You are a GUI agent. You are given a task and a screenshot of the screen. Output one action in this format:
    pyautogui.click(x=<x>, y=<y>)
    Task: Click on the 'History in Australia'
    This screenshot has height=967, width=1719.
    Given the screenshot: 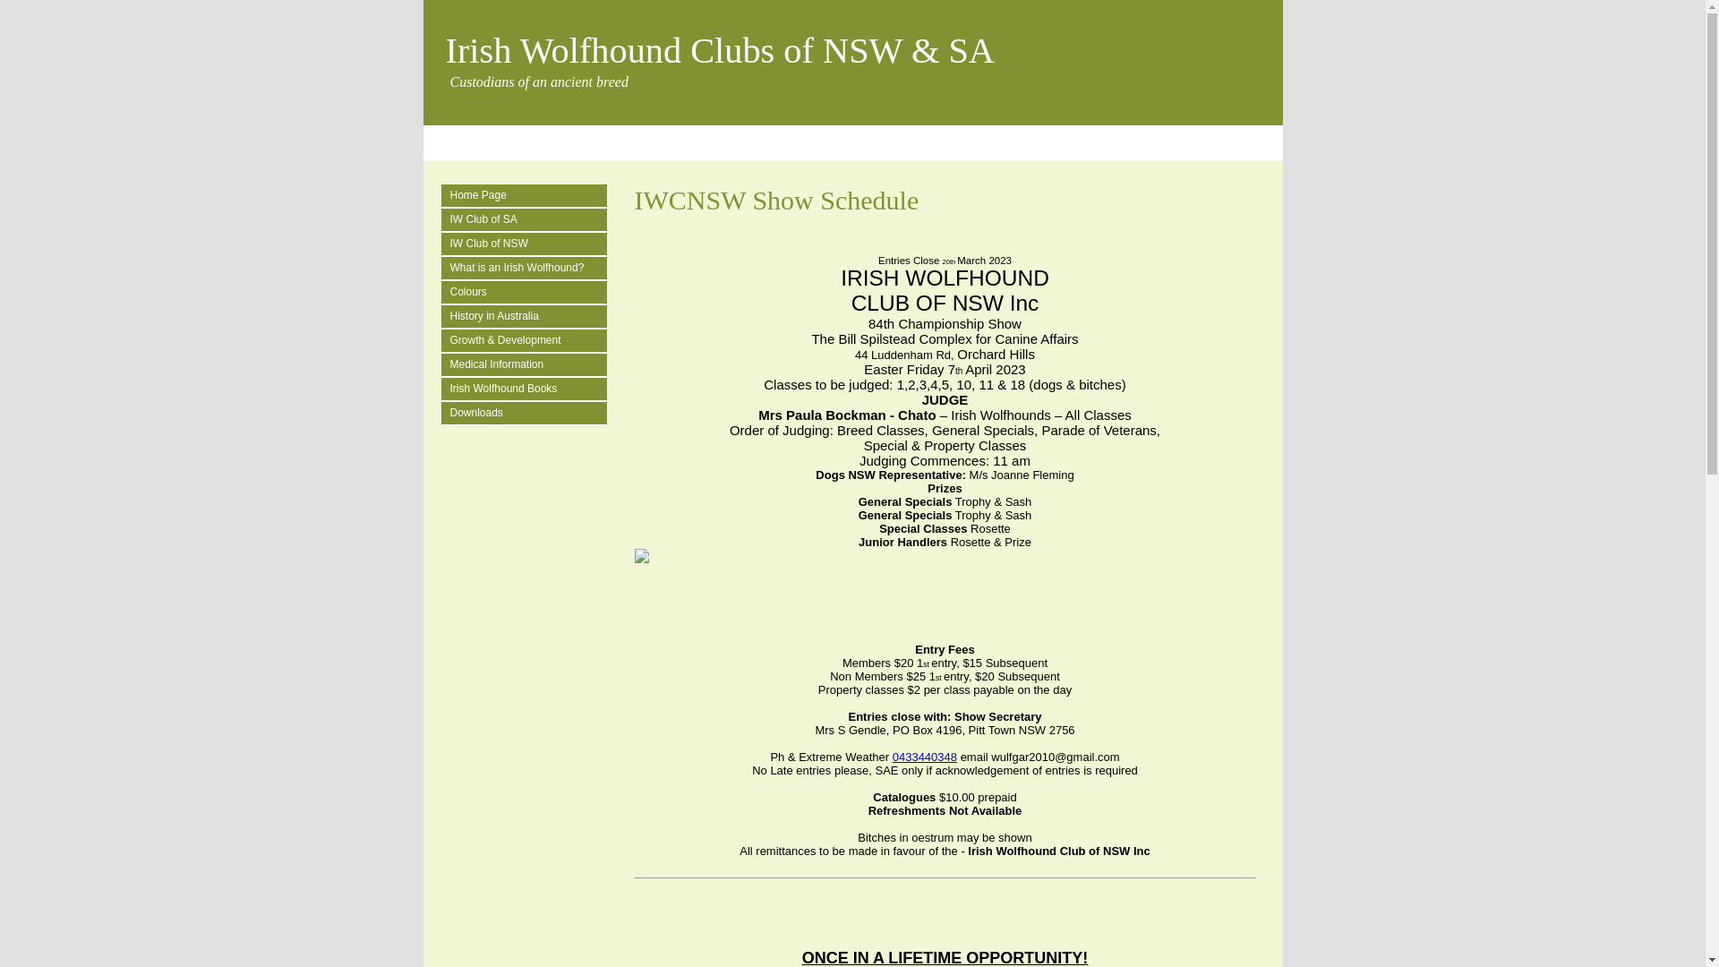 What is the action you would take?
    pyautogui.click(x=526, y=315)
    